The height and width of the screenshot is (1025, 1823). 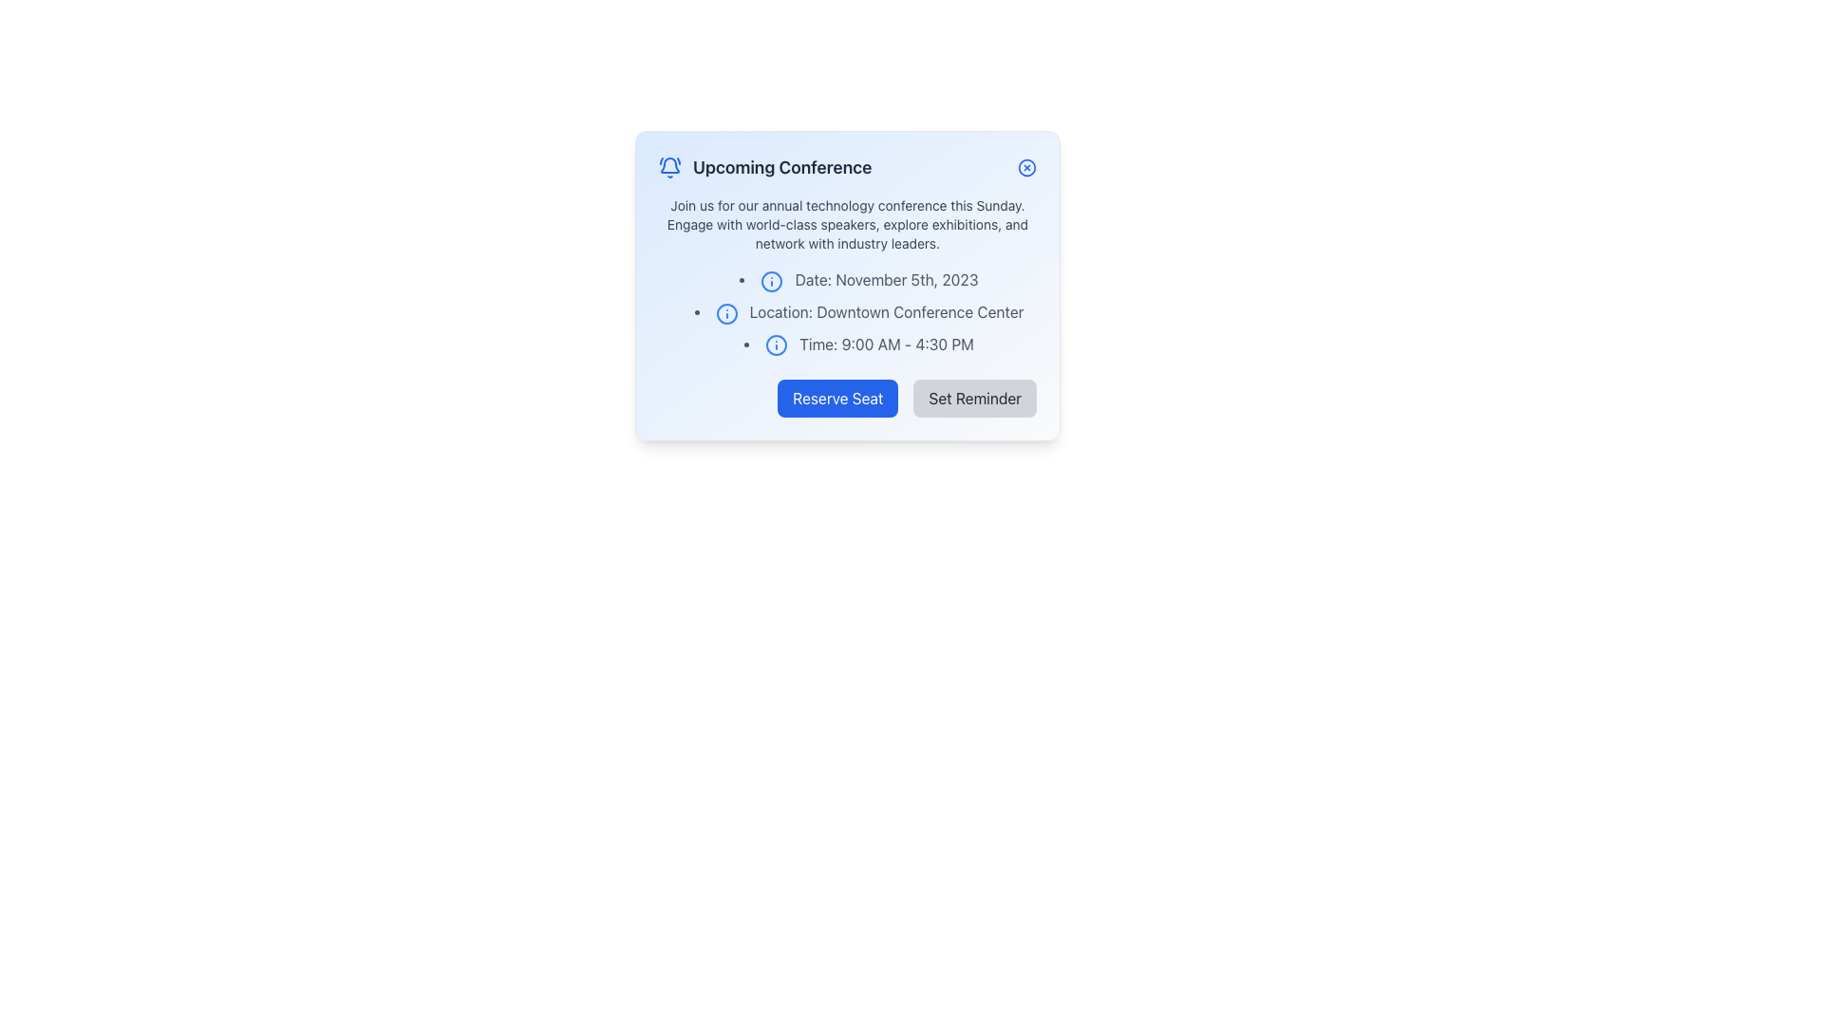 I want to click on displayed text of the Text block located below the title 'Upcoming Conference' and above the list of event information, so click(x=846, y=223).